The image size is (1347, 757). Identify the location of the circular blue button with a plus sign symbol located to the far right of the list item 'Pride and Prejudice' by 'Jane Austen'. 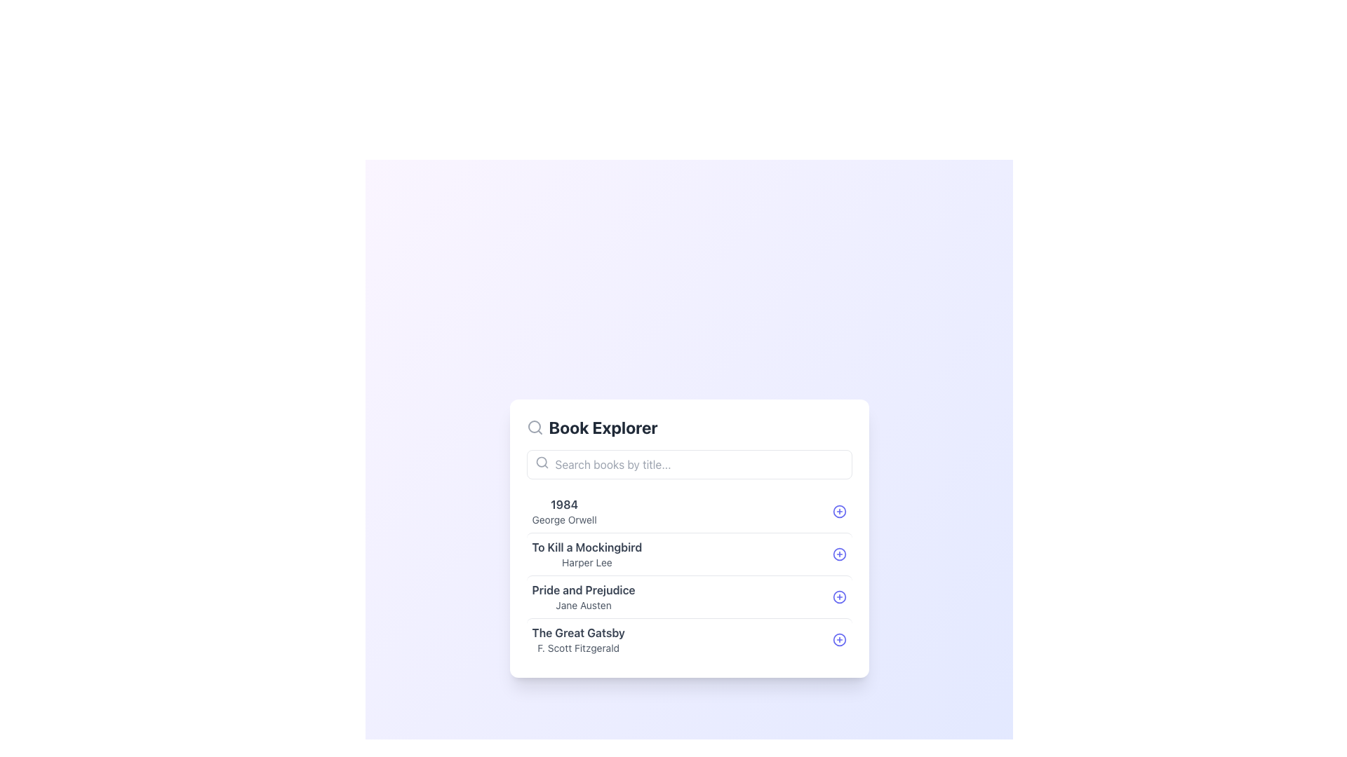
(839, 596).